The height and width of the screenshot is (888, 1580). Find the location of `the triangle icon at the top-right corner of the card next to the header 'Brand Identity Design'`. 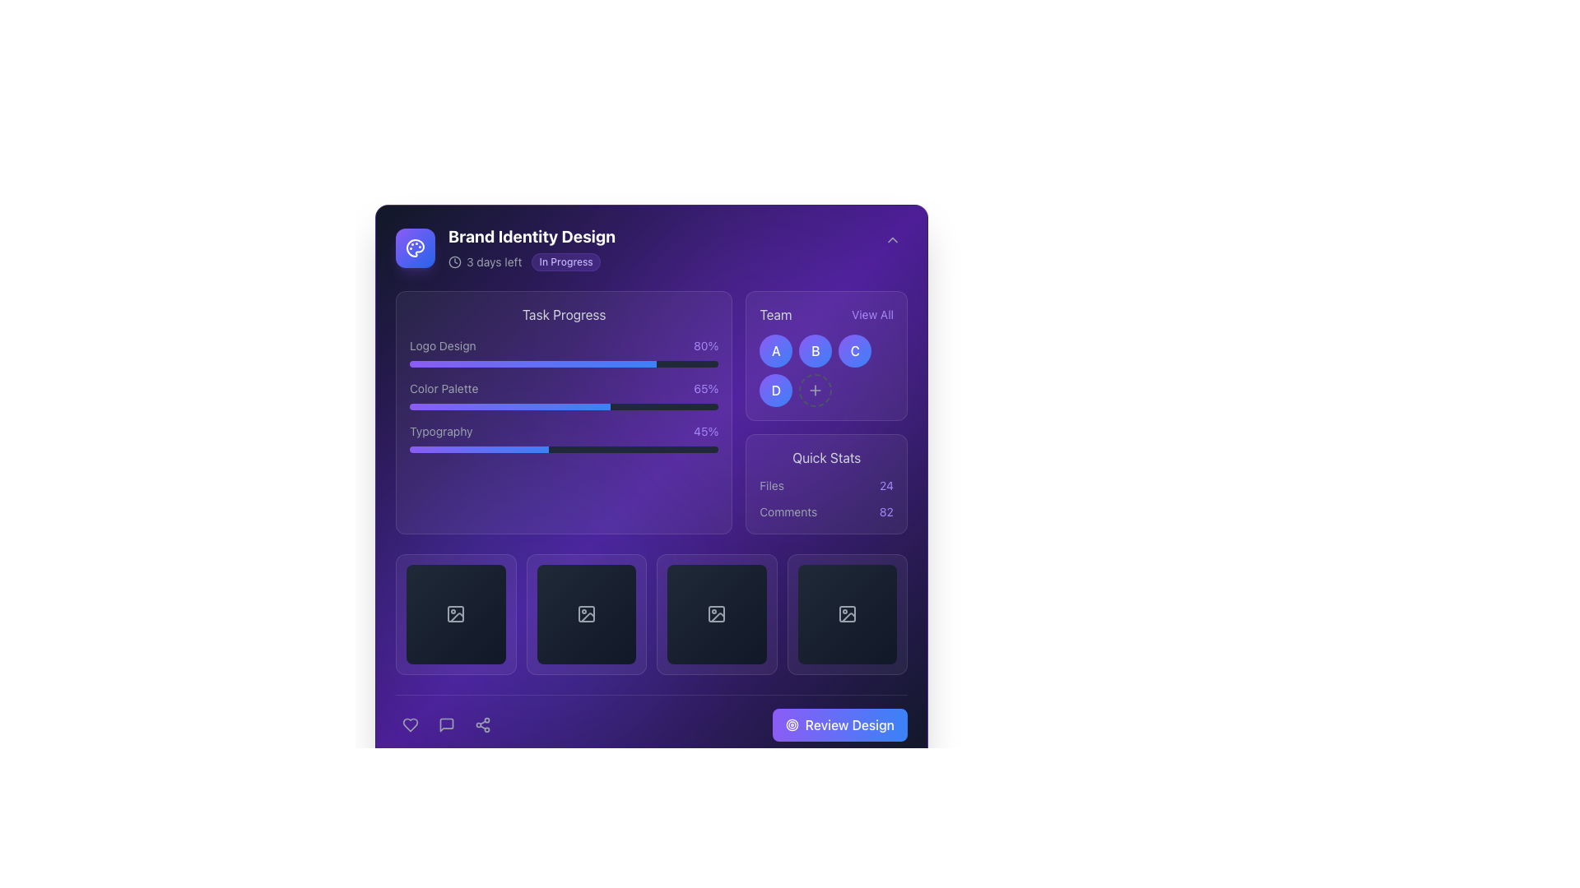

the triangle icon at the top-right corner of the card next to the header 'Brand Identity Design' is located at coordinates (891, 240).